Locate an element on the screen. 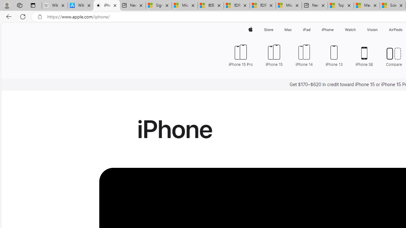  'Vision' is located at coordinates (373, 29).